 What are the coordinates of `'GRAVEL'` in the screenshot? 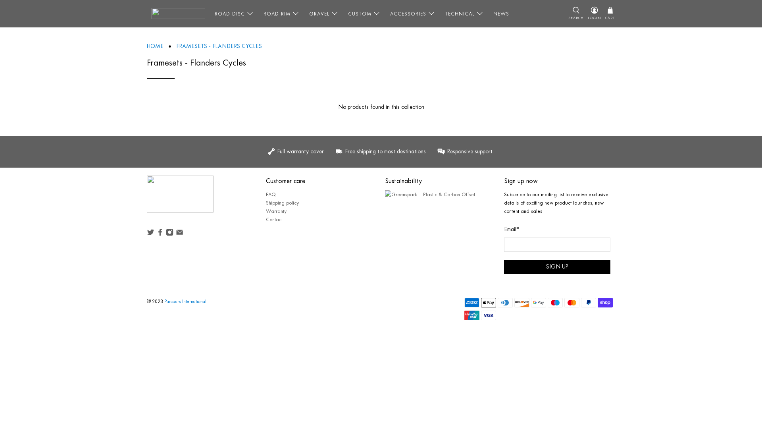 It's located at (324, 14).